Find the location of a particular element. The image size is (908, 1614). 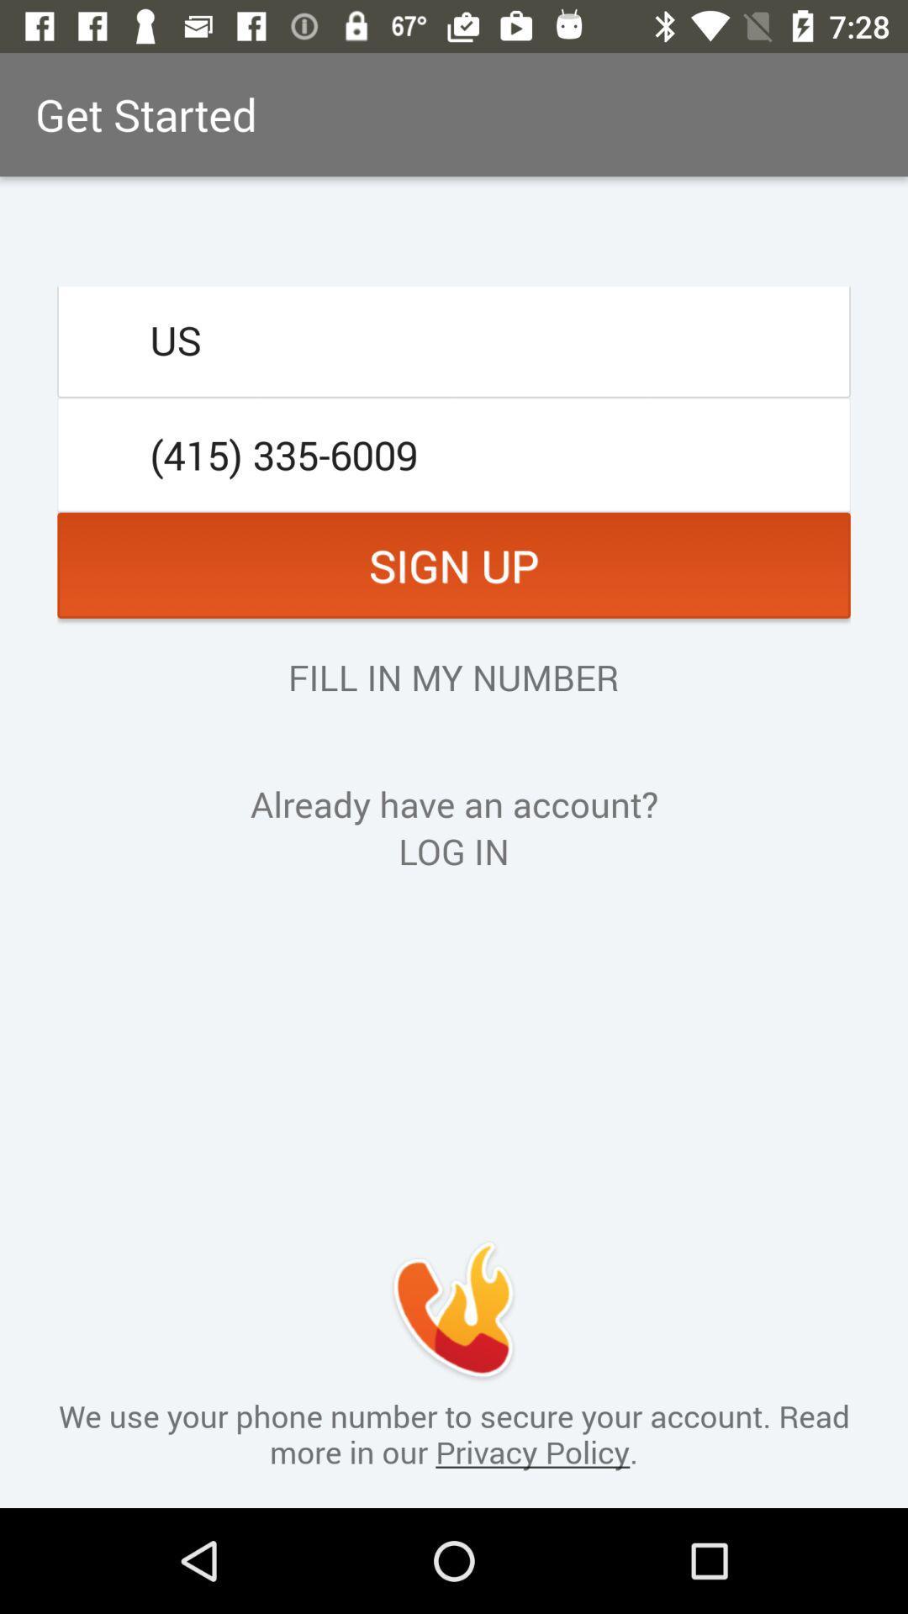

icon above (415) 335-6009 item is located at coordinates (454, 339).